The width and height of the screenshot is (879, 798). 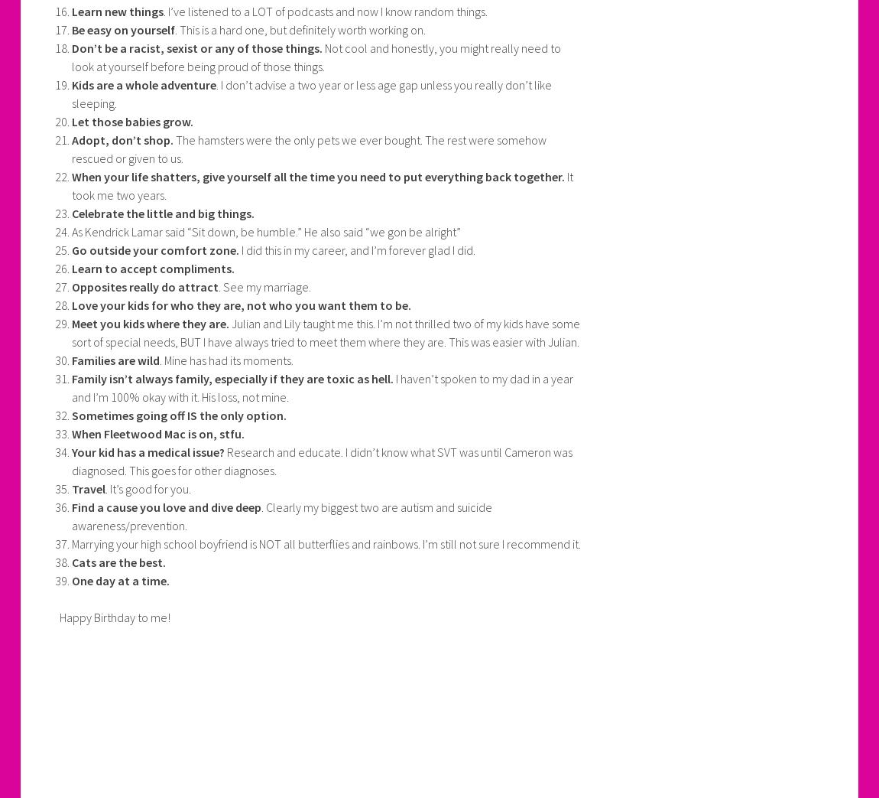 I want to click on 'Meet you kids where they are.', so click(x=148, y=324).